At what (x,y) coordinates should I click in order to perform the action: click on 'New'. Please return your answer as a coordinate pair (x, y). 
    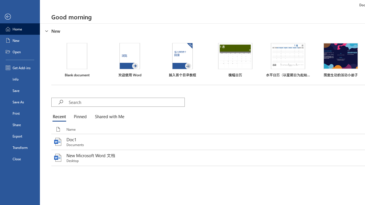
    Looking at the image, I should click on (20, 40).